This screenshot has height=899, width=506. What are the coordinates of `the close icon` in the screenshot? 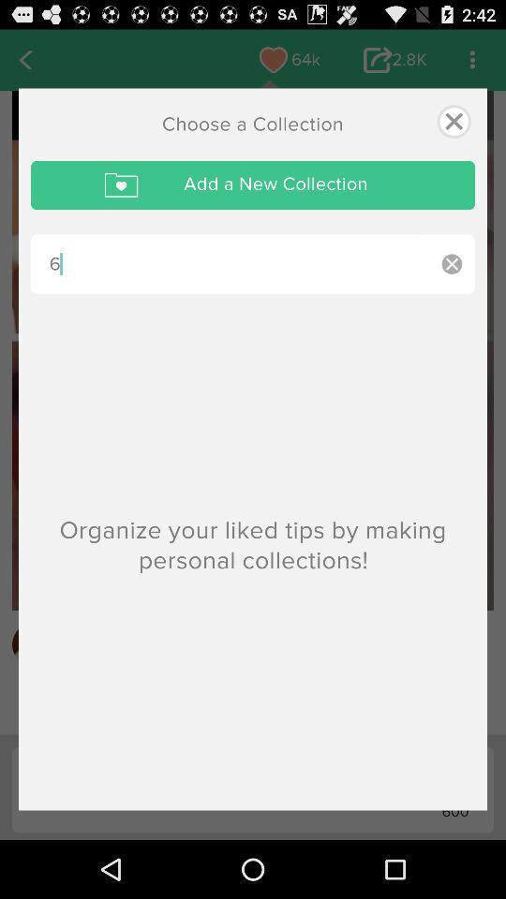 It's located at (453, 125).